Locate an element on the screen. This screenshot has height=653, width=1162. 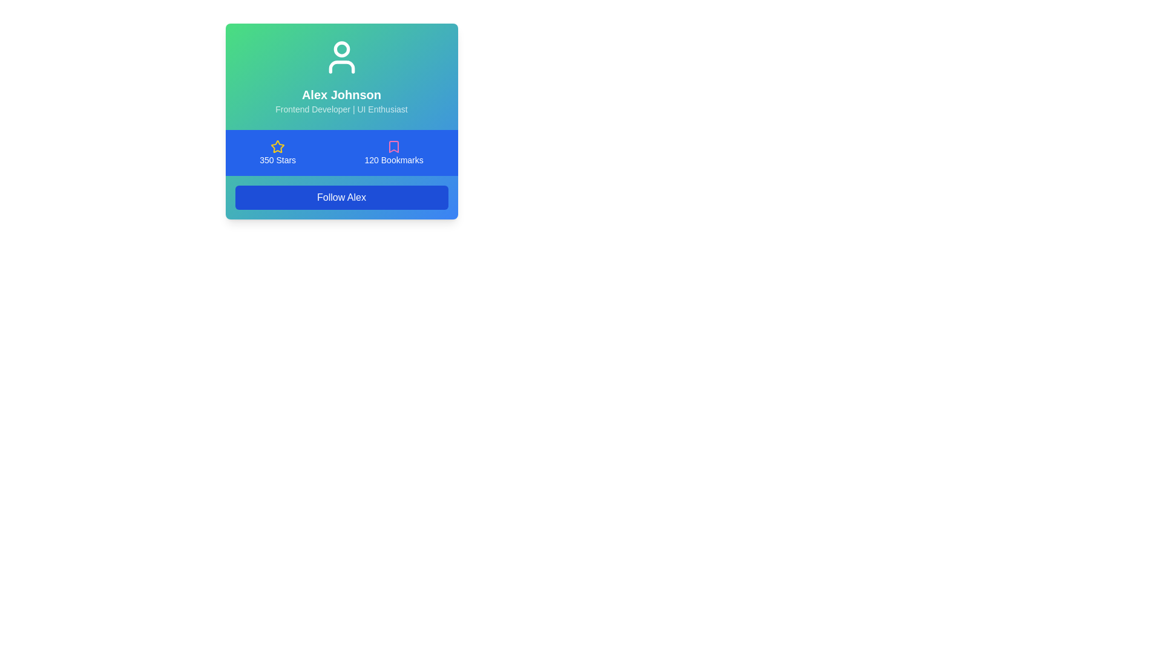
the text label displaying the number of bookmarks associated with the profile, located at the rightmost position below the bookmark icon is located at coordinates (394, 160).